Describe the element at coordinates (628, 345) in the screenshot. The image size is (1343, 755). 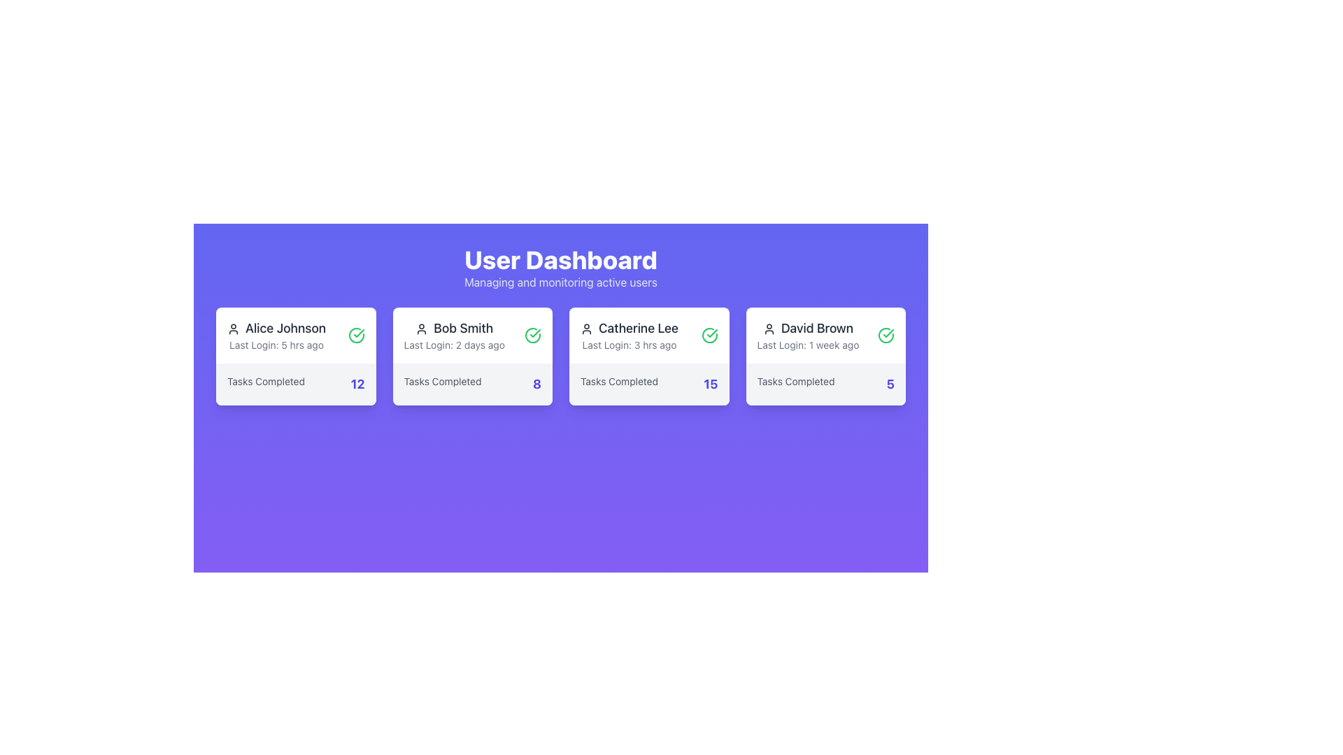
I see `information displayed in the text label that shows 'Last Login: 3 hrs ago', which is located below the 'Catherine Lee' label in the user dashboard grid` at that location.